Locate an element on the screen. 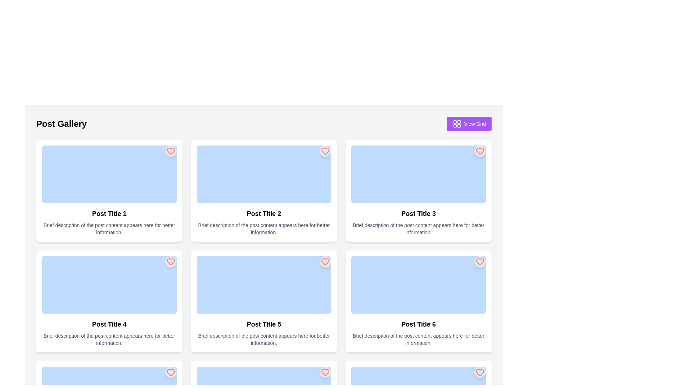  the heart-shaped icon located in the top right corner of the card labeled 'Post Title 5' is located at coordinates (325, 262).